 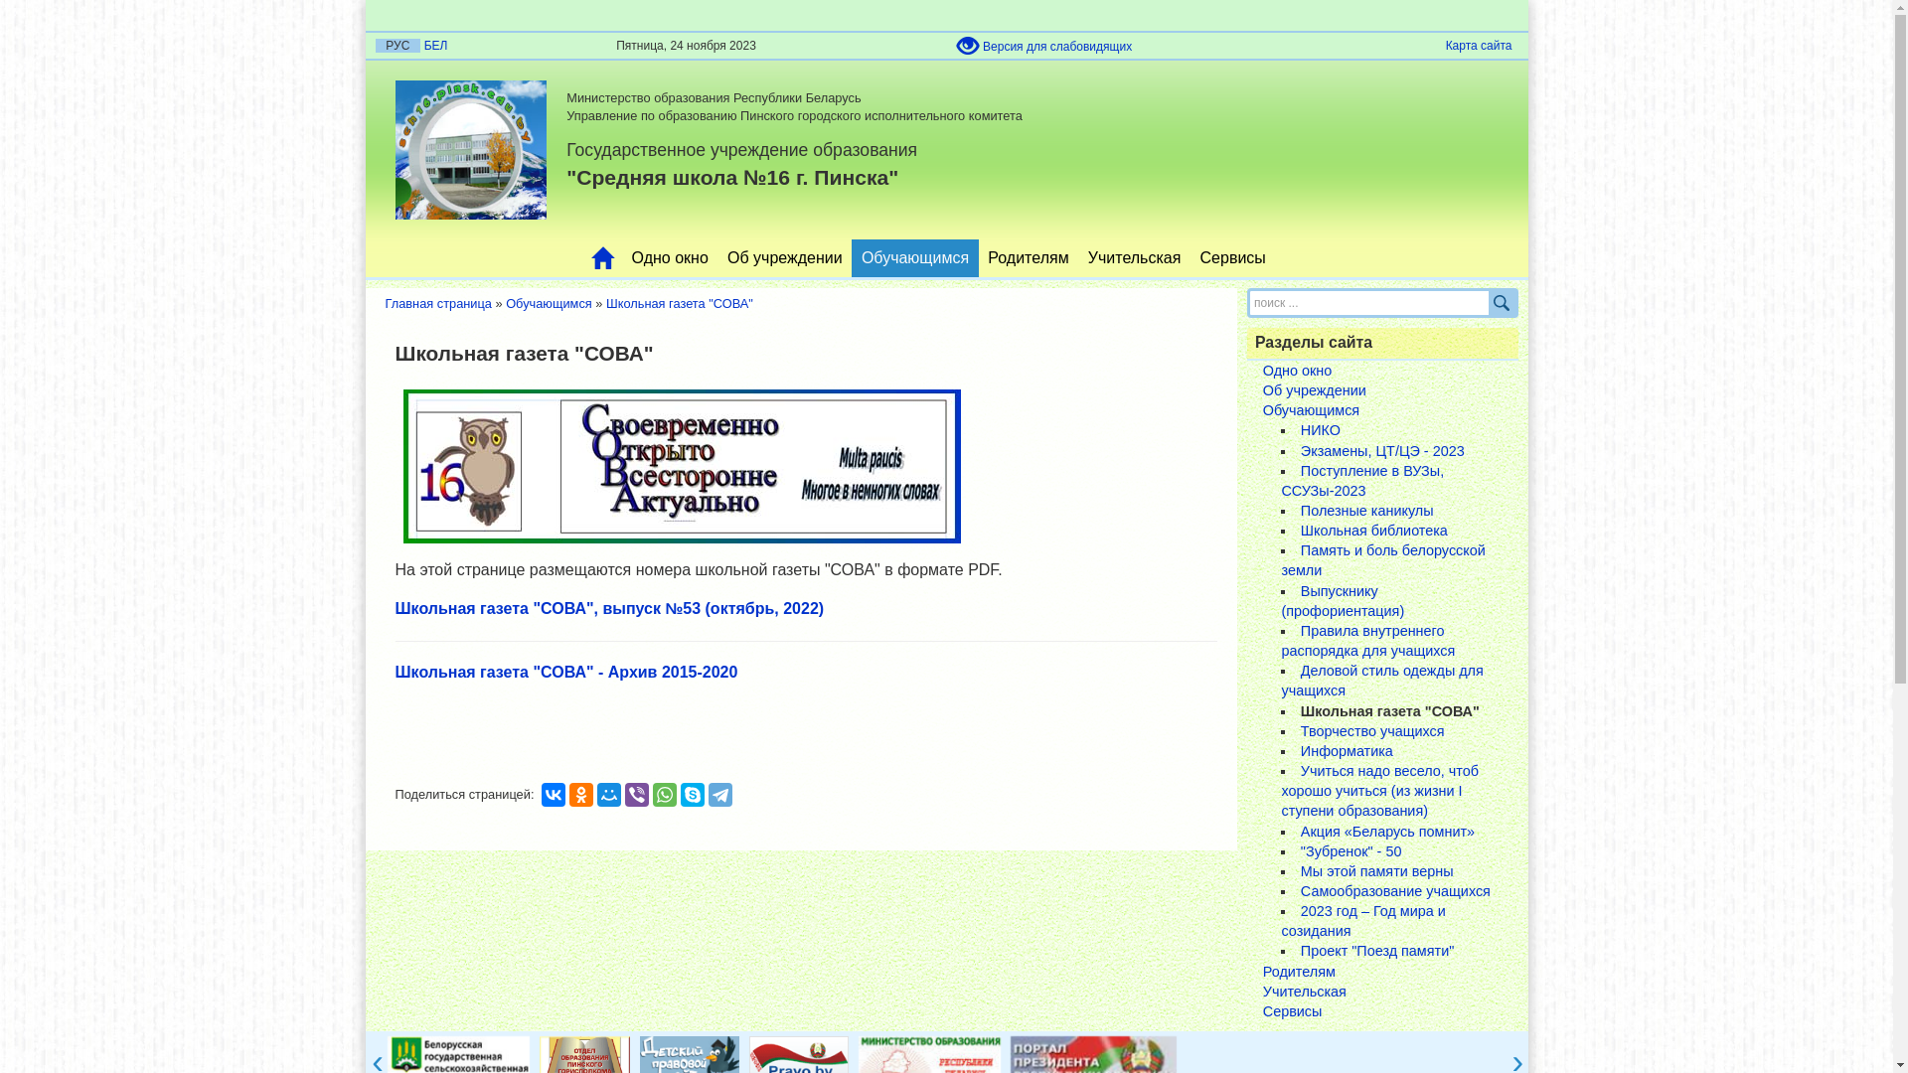 What do you see at coordinates (692, 793) in the screenshot?
I see `'Skype'` at bounding box center [692, 793].